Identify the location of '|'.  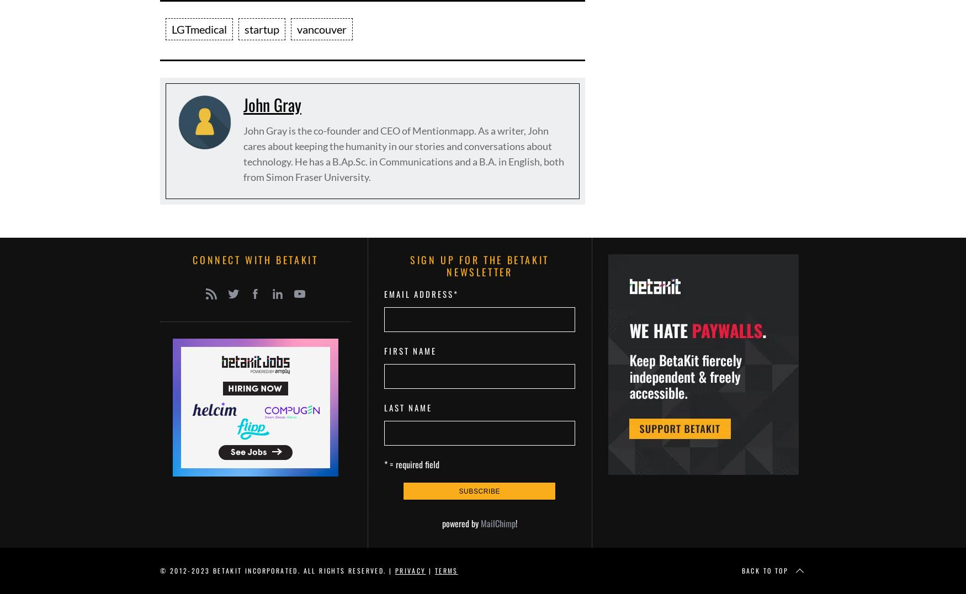
(429, 570).